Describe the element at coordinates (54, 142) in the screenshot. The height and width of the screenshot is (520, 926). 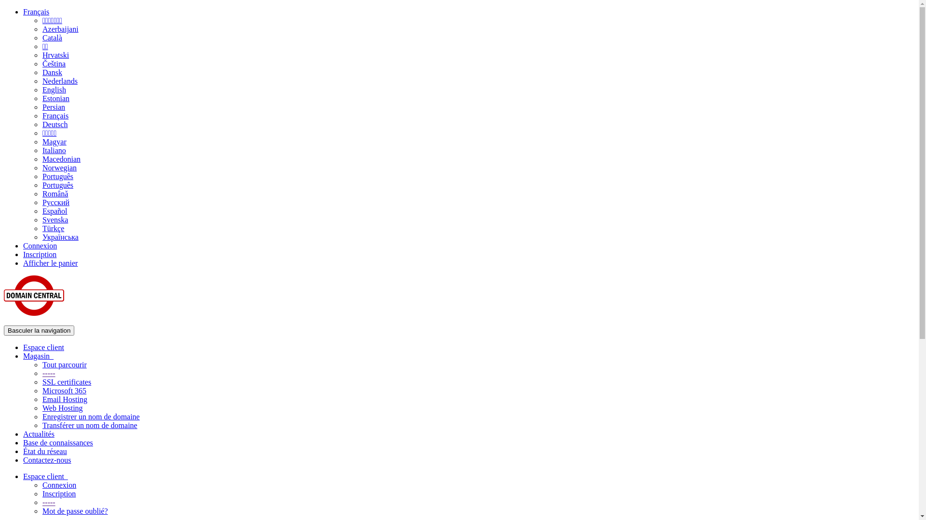
I see `'Magyar'` at that location.